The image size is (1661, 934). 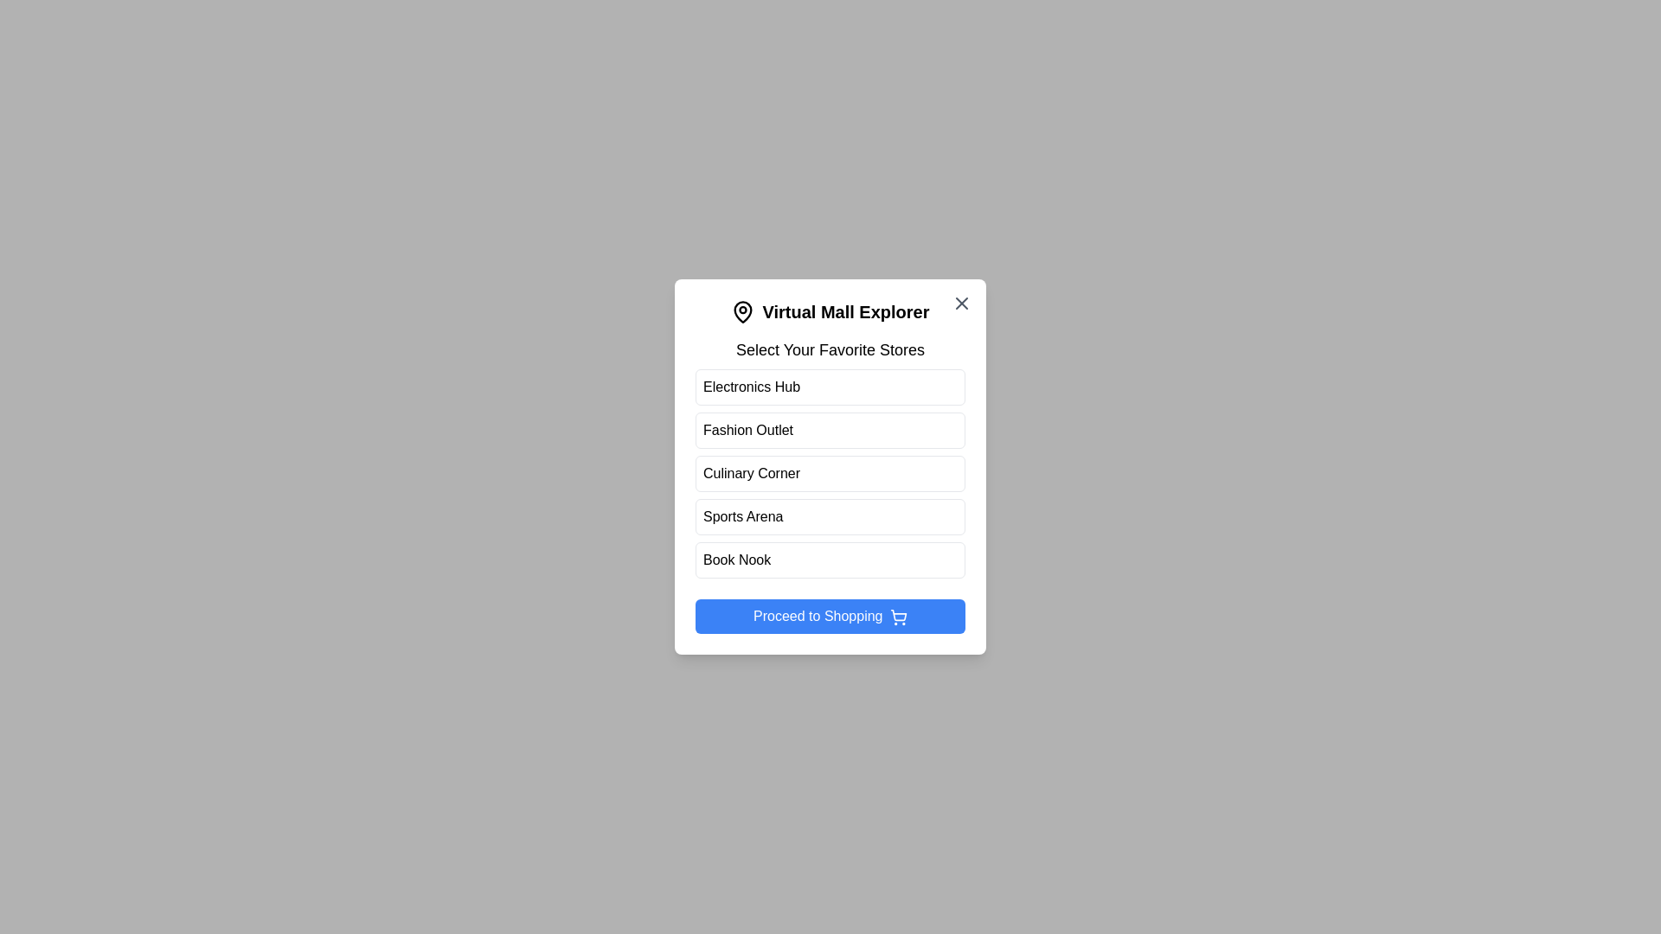 What do you see at coordinates (736, 560) in the screenshot?
I see `the 'Book Nook' store text label, which is the fifth item` at bounding box center [736, 560].